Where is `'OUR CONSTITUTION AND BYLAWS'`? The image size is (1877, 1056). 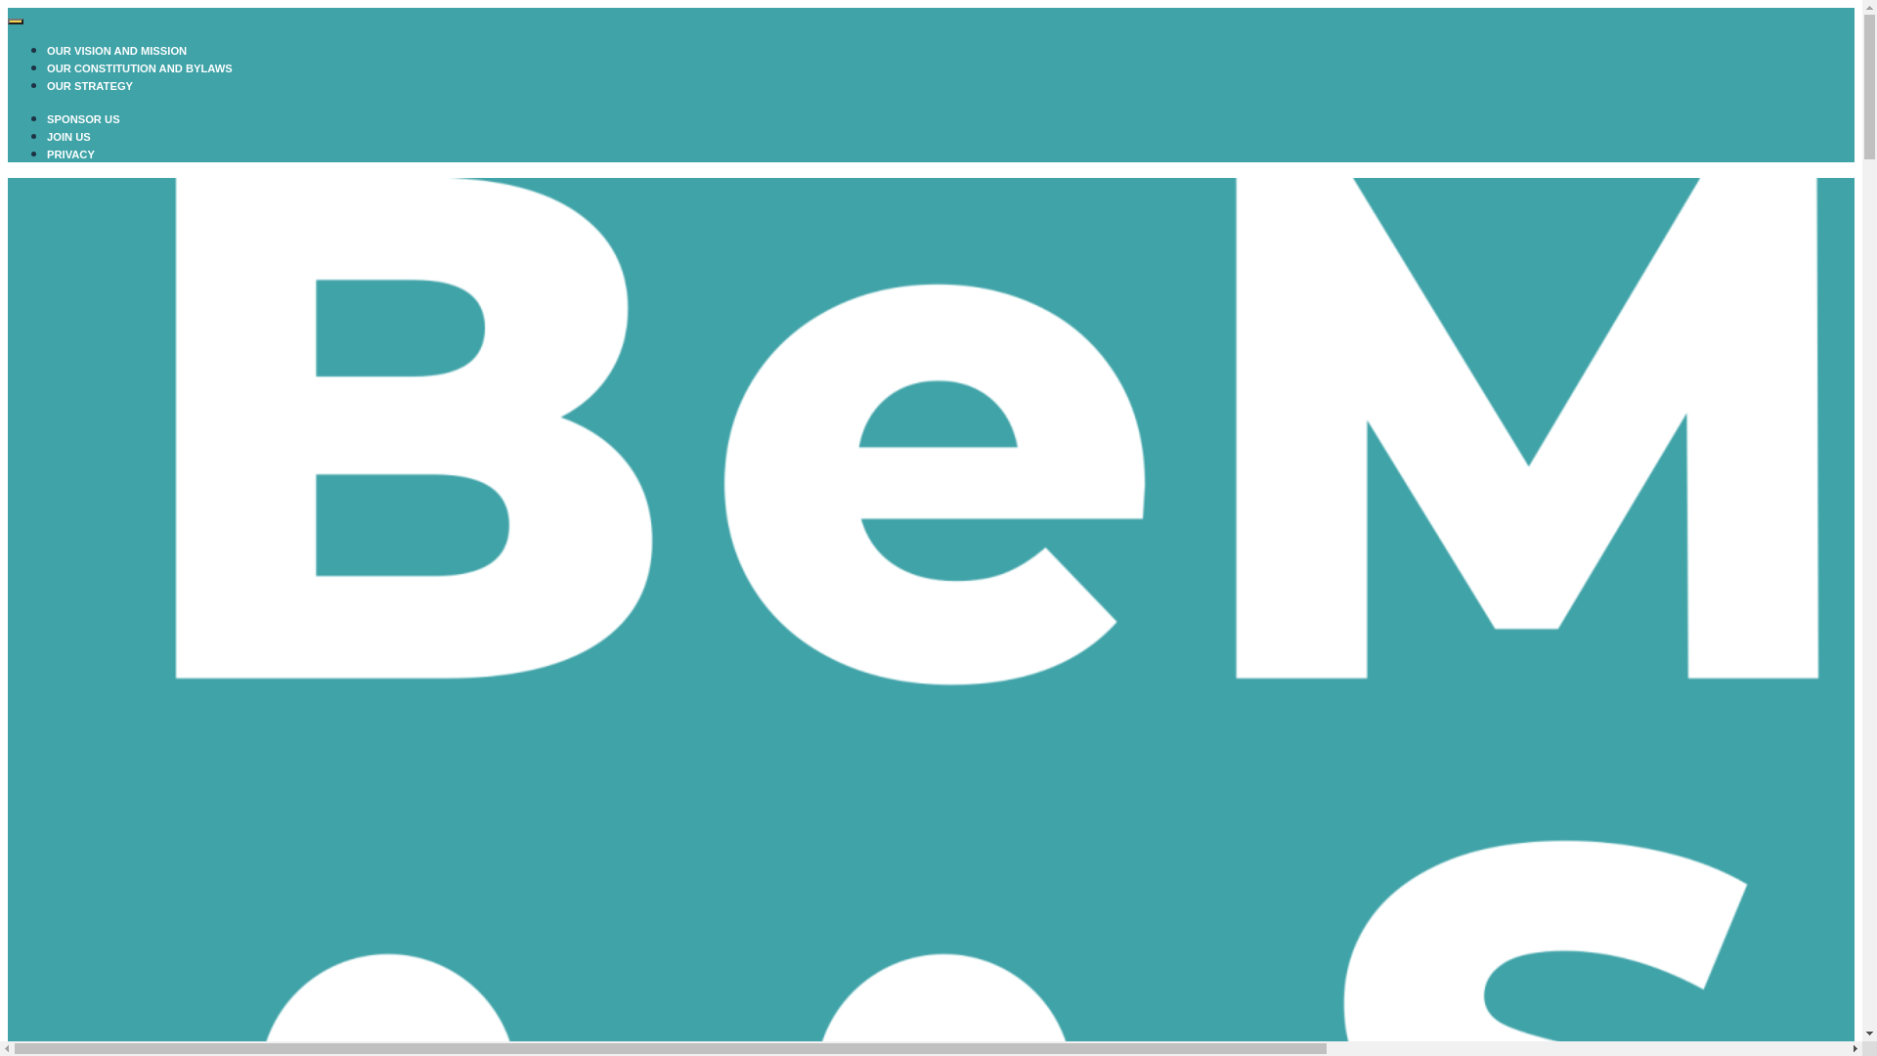
'OUR CONSTITUTION AND BYLAWS' is located at coordinates (139, 66).